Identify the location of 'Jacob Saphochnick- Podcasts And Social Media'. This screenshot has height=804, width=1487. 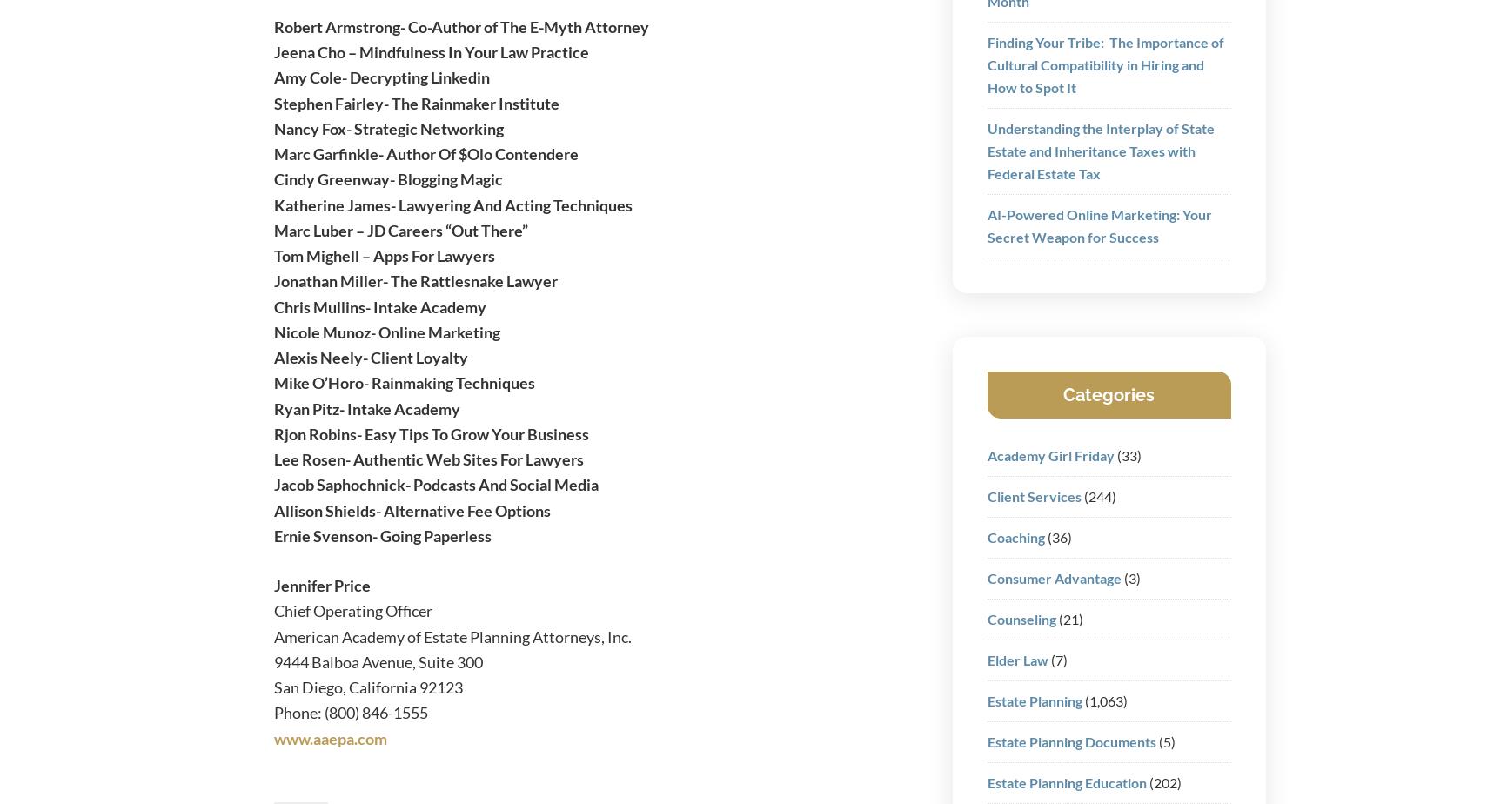
(271, 484).